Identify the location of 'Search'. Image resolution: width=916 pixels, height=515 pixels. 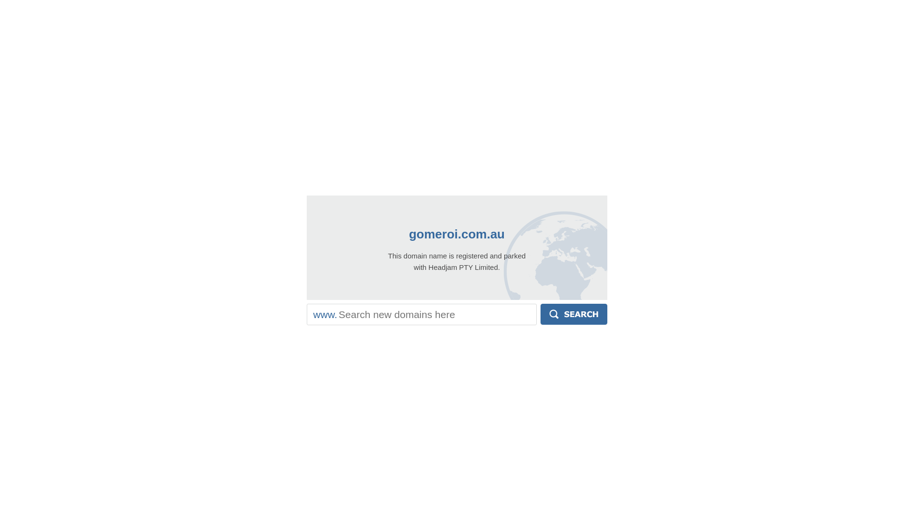
(573, 314).